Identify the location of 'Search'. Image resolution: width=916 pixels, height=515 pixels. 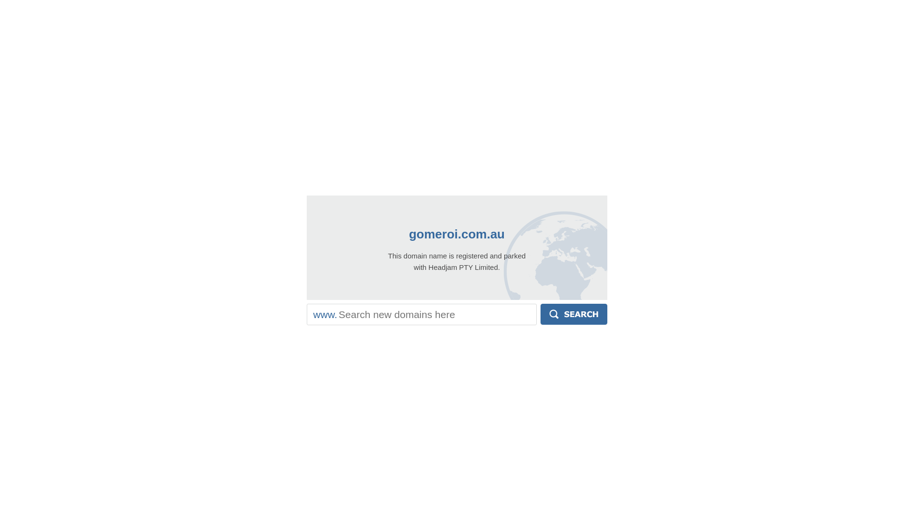
(573, 314).